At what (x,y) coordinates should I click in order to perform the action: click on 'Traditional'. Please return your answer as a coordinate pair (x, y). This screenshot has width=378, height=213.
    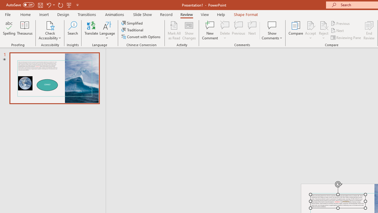
    Looking at the image, I should click on (132, 30).